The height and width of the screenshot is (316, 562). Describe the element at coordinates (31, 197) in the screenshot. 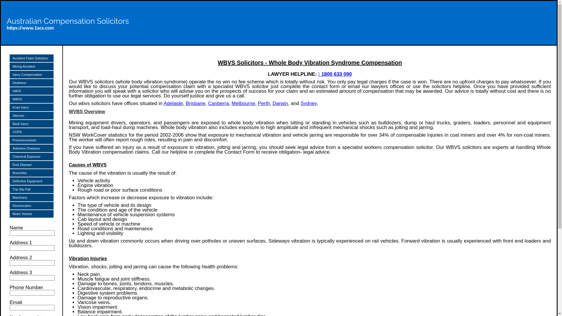

I see `'Machinery'` at that location.